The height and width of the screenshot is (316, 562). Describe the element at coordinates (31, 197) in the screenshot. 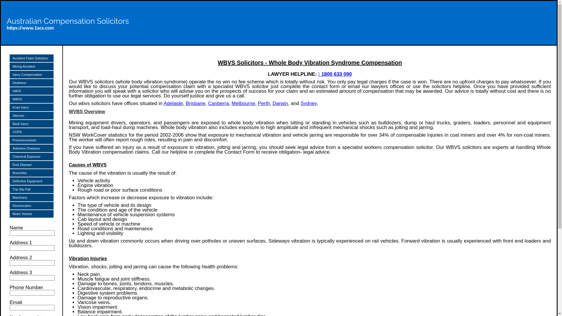

I see `'Machinery'` at that location.